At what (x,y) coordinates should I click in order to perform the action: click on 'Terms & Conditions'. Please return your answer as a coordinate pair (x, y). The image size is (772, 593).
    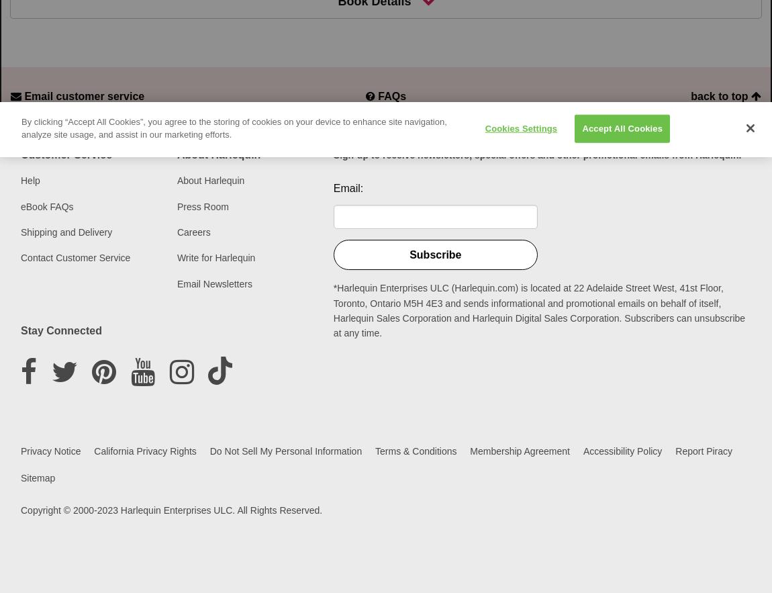
    Looking at the image, I should click on (415, 449).